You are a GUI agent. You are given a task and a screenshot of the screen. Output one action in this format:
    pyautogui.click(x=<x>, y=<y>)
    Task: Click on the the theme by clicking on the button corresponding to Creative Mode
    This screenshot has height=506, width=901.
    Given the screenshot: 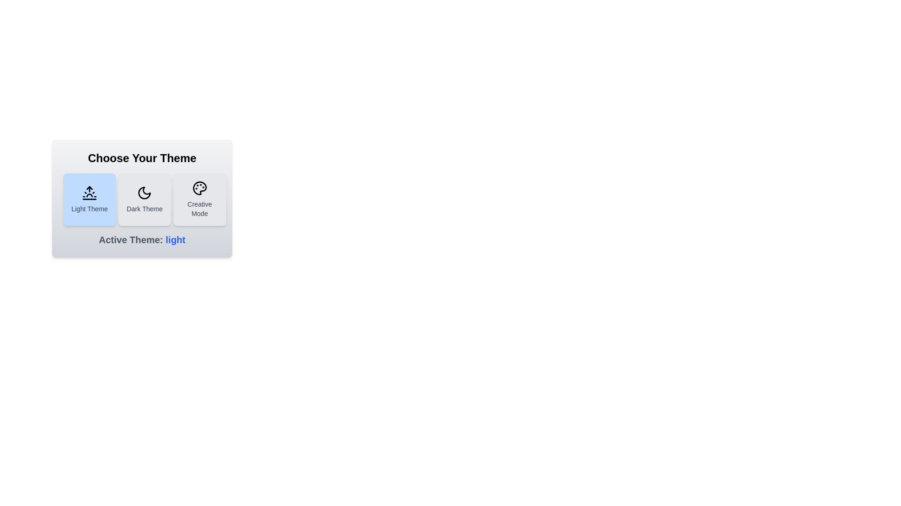 What is the action you would take?
    pyautogui.click(x=199, y=199)
    